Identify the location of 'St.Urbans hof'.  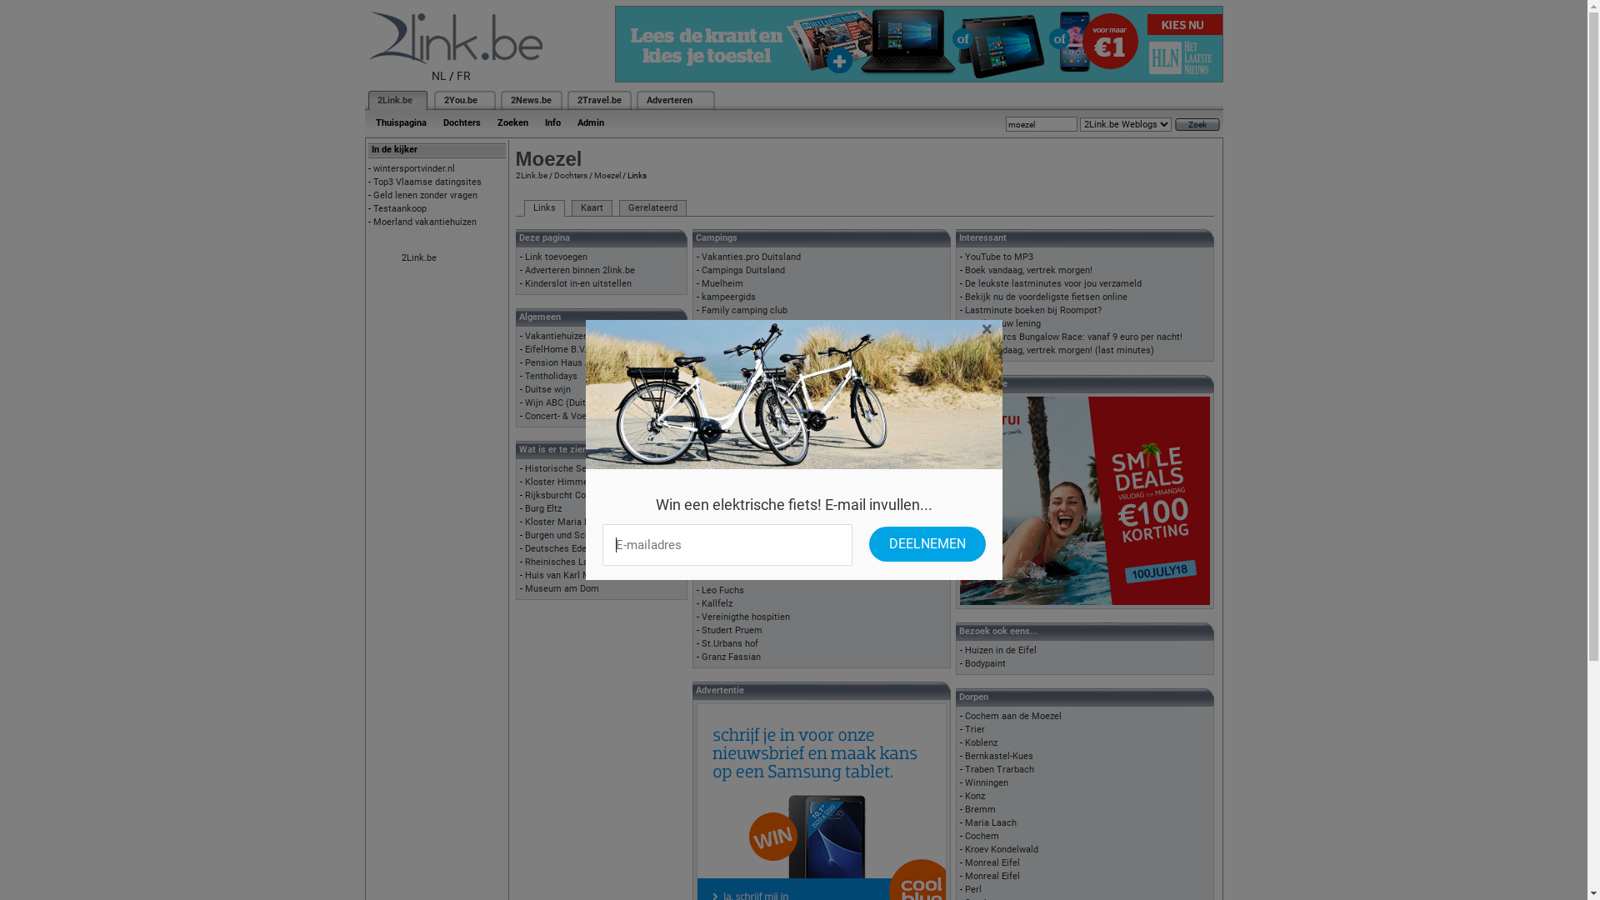
(701, 642).